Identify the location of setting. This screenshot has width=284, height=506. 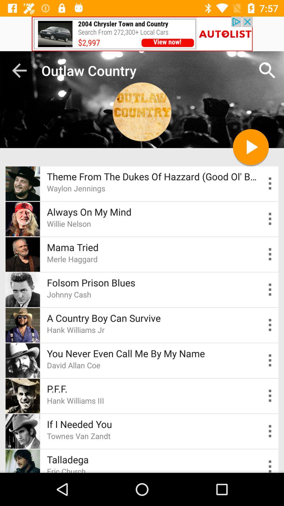
(270, 431).